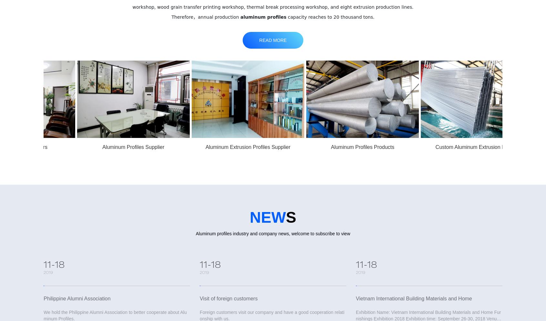 This screenshot has width=546, height=321. What do you see at coordinates (290, 217) in the screenshot?
I see `'S'` at bounding box center [290, 217].